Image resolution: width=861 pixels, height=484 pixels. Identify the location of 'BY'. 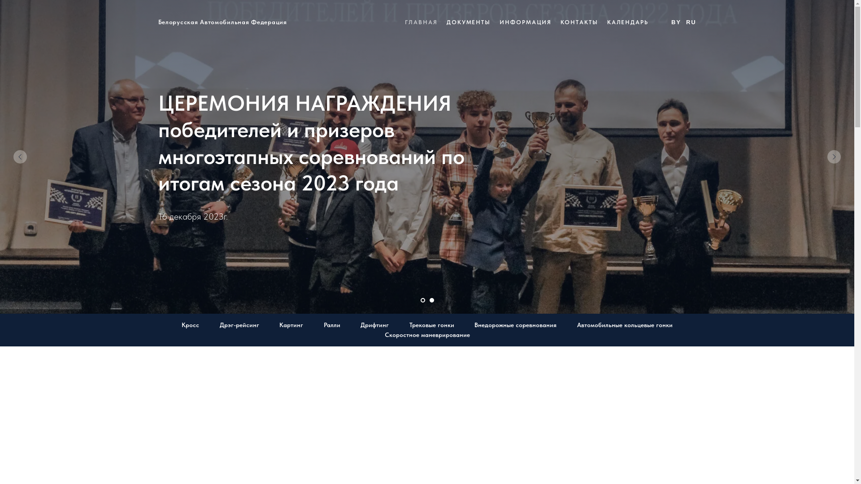
(676, 22).